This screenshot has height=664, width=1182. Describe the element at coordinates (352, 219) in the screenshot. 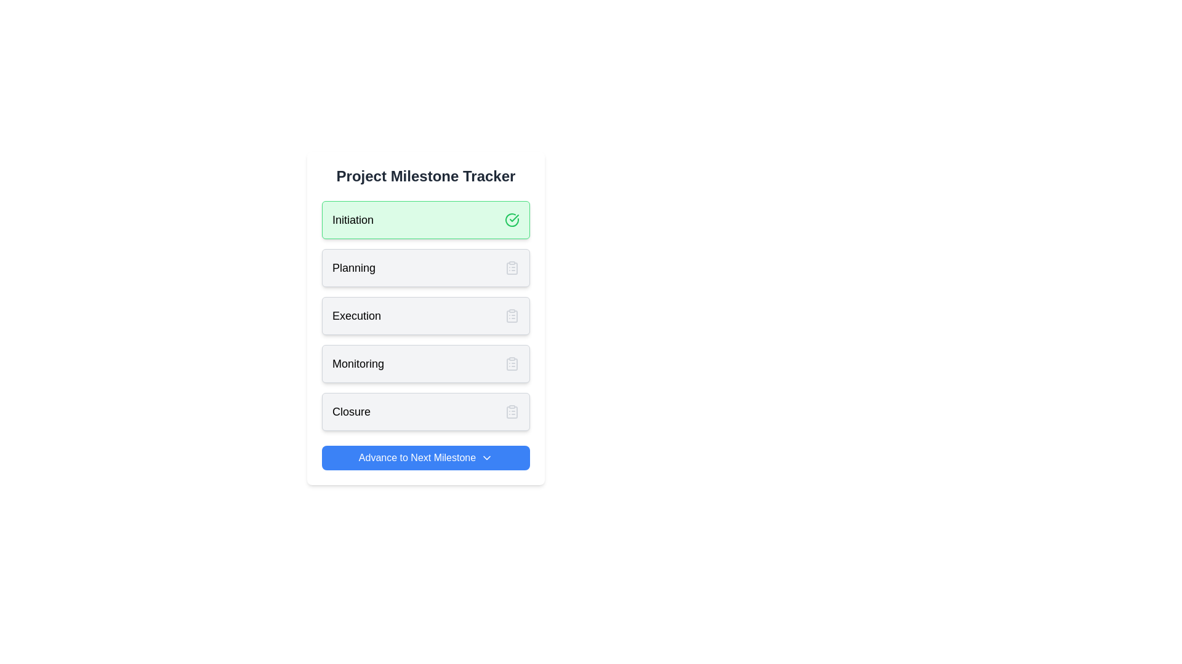

I see `the 'Initiation' text label, which is displayed in a bold font within a green rounded rectangle, to invoke the context menu` at that location.